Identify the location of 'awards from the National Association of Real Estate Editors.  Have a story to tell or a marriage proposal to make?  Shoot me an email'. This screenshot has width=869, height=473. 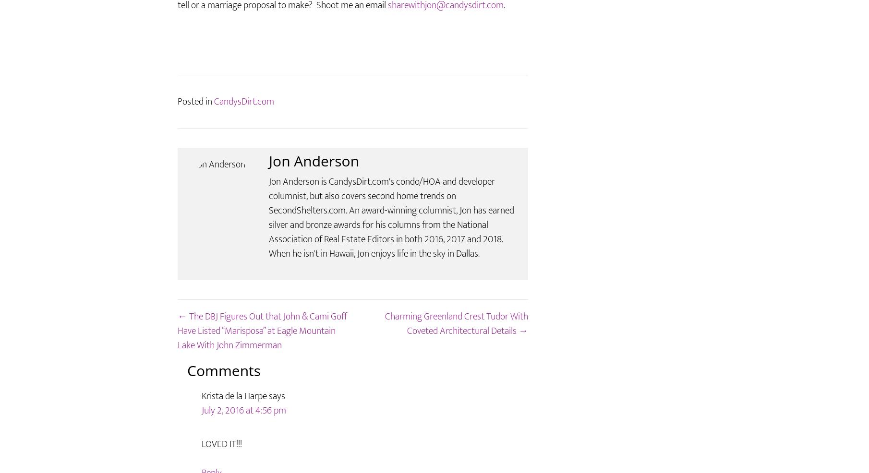
(177, 25).